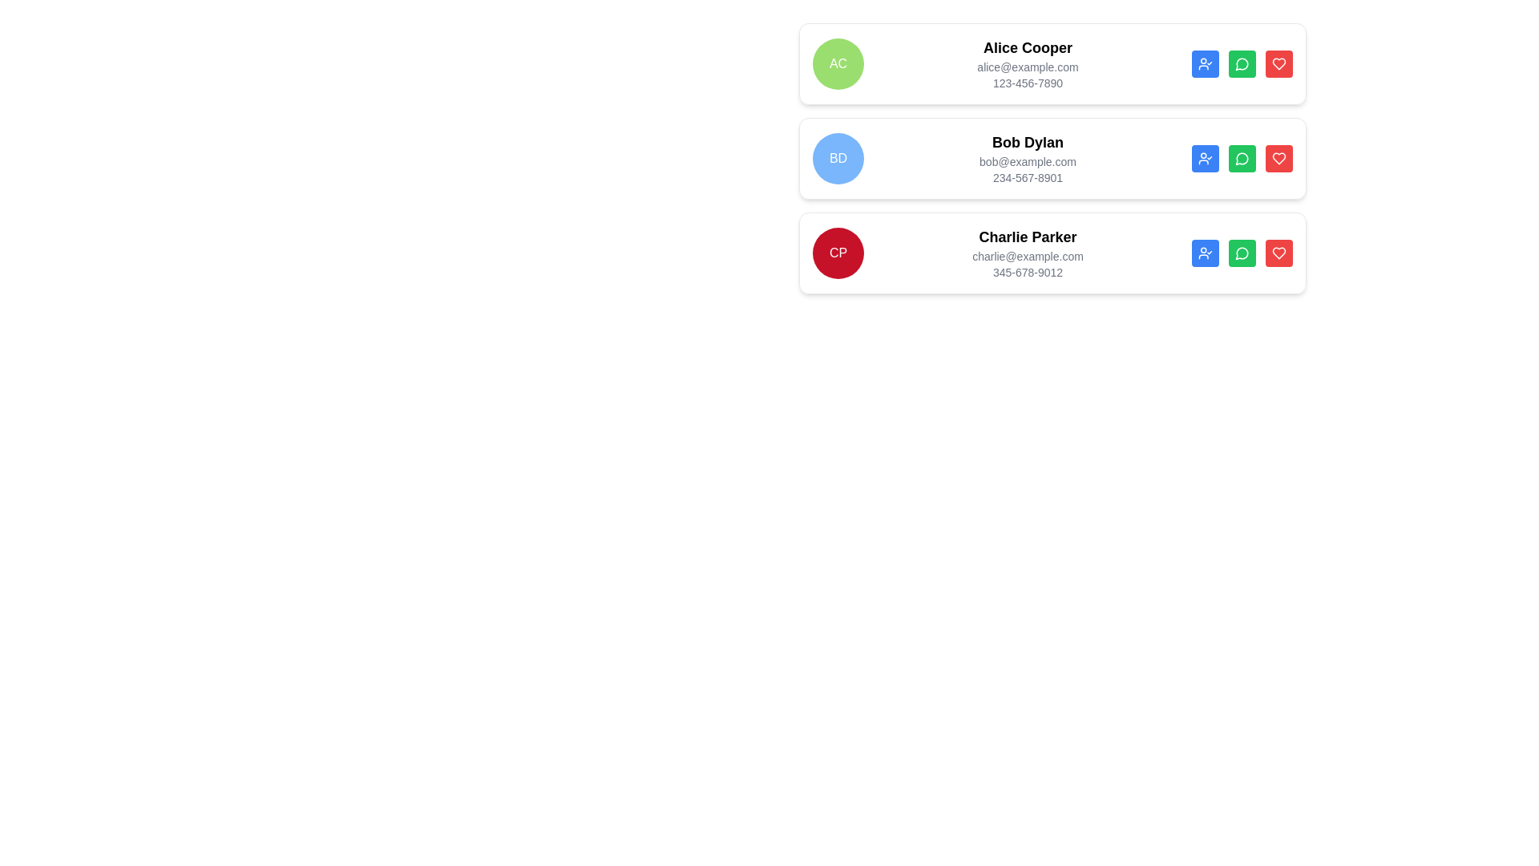  I want to click on the phone number text display located below the email address 'charlie@example.com' in the 'Charlie Parker' contact card, so click(1028, 271).